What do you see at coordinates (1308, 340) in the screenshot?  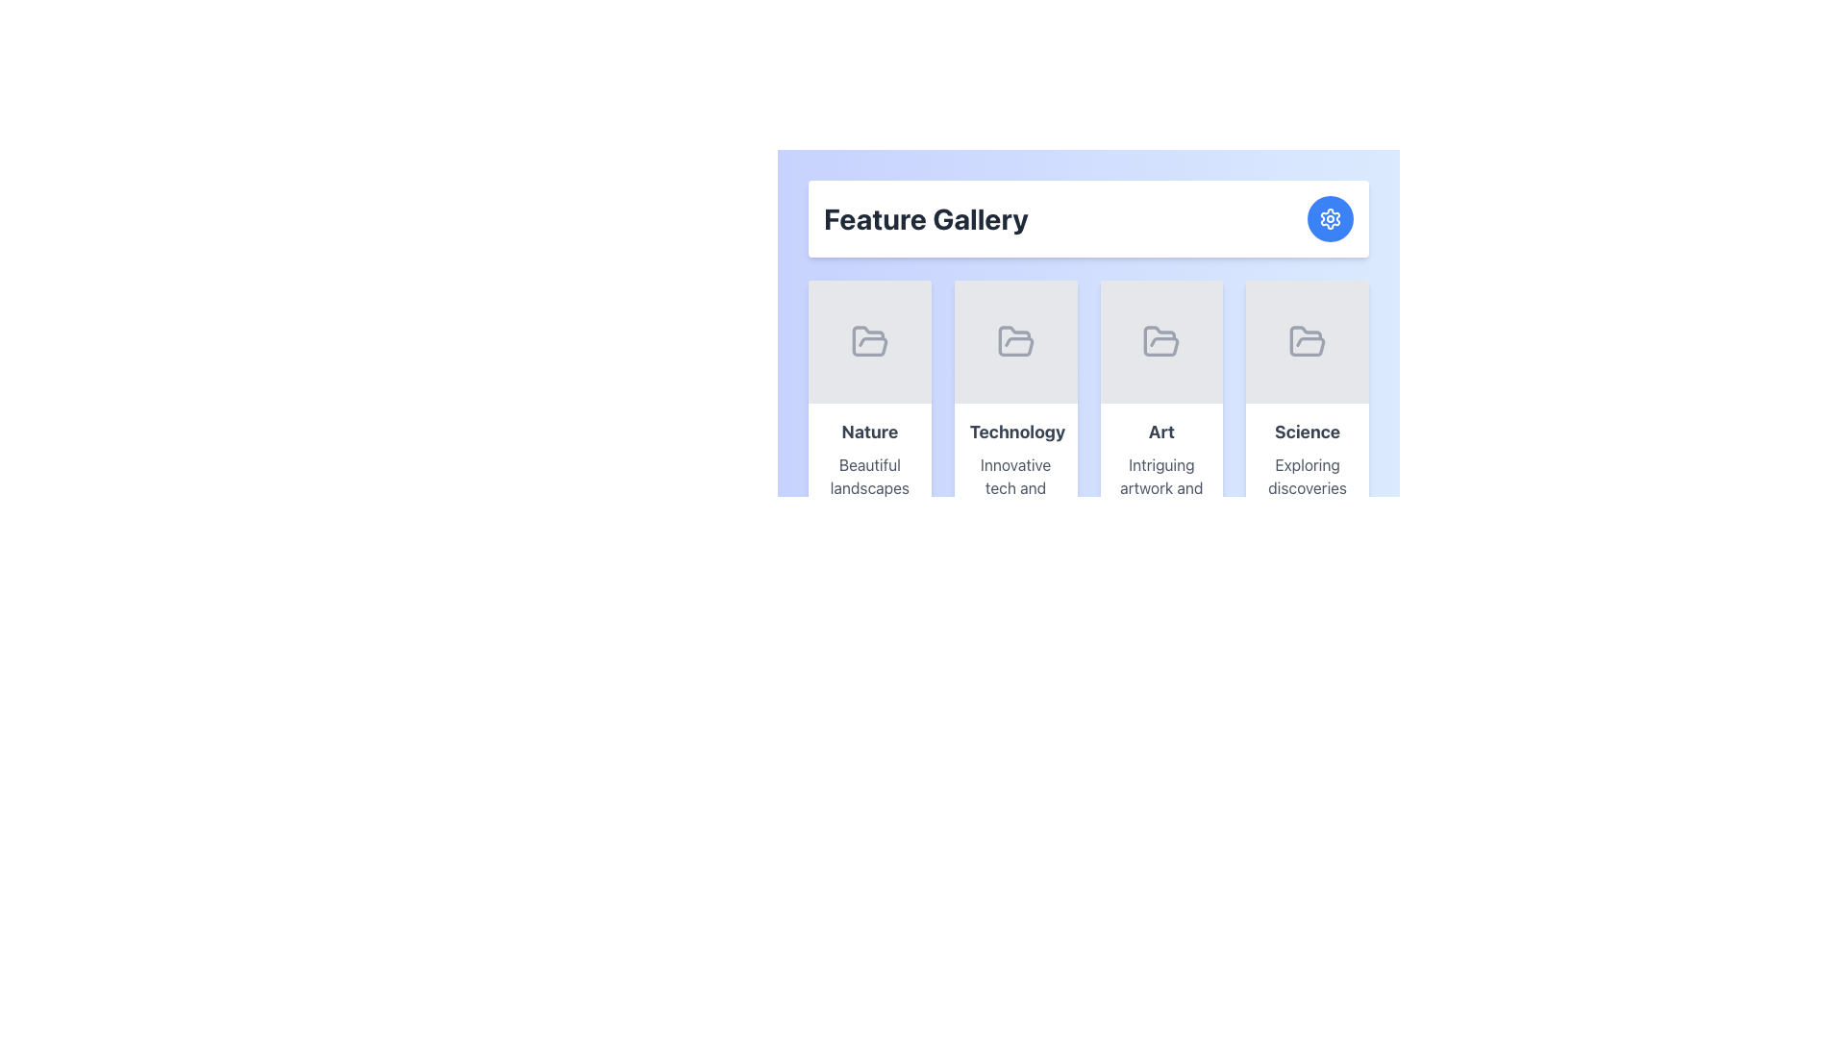 I see `the folder icon representing the 'Science' category in the 'Feature Gallery' interface, located at the far right of the row of category folders` at bounding box center [1308, 340].